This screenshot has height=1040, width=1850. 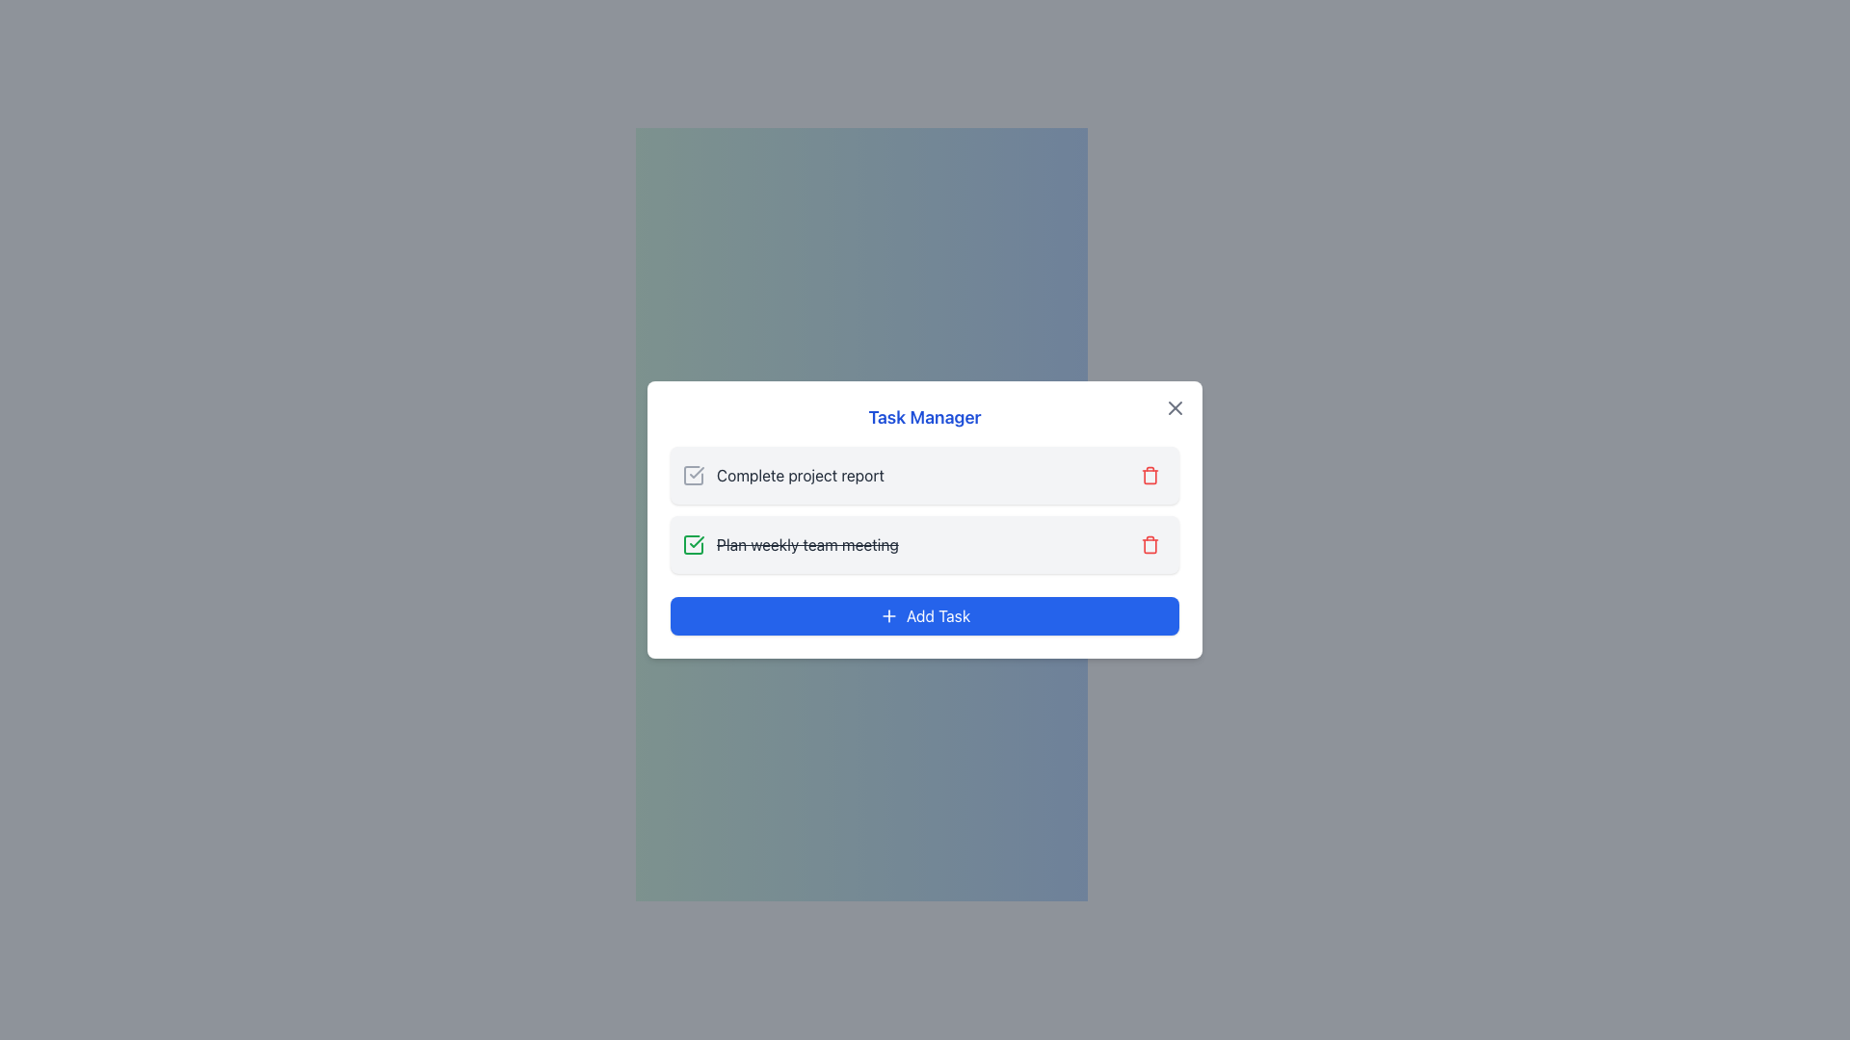 I want to click on the first Task List Item Component displaying 'Complete project report', so click(x=925, y=475).